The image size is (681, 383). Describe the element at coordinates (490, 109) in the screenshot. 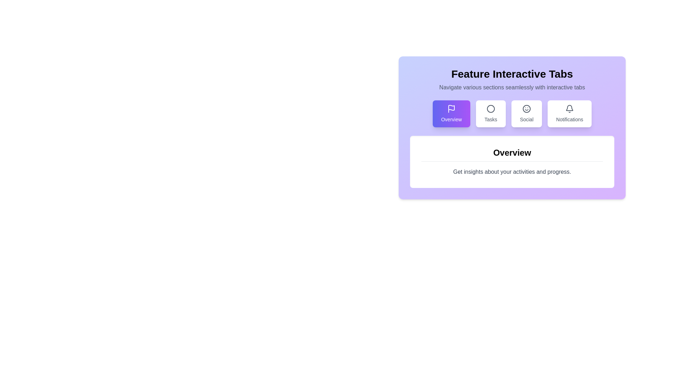

I see `the circular hollow icon representing the 'Tasks' button located centrally in the top row of interactive options within the feature interactive tabs component` at that location.